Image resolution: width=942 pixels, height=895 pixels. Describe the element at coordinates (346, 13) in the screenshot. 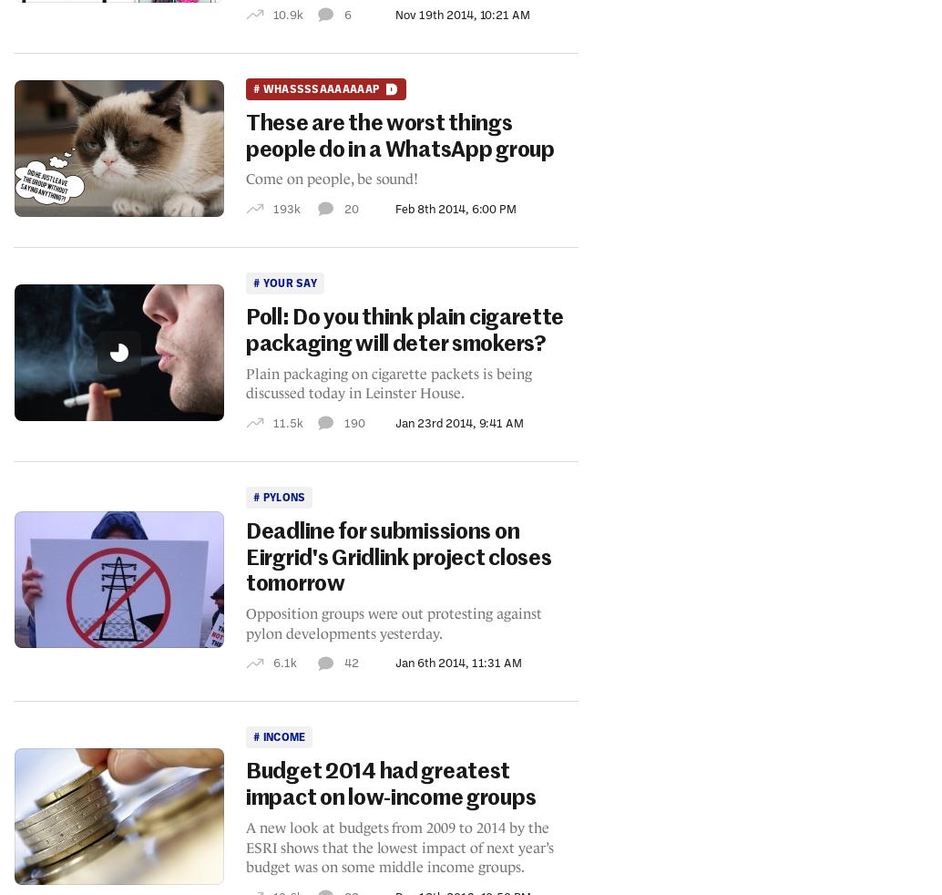

I see `'6'` at that location.